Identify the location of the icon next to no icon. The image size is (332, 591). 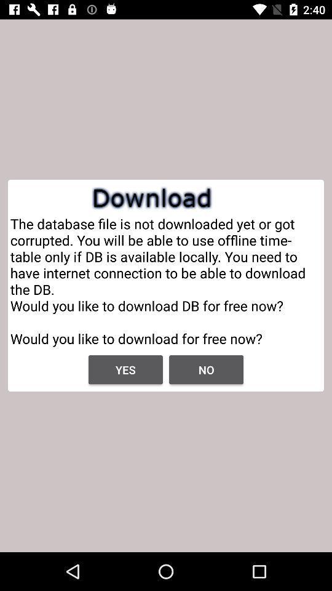
(125, 369).